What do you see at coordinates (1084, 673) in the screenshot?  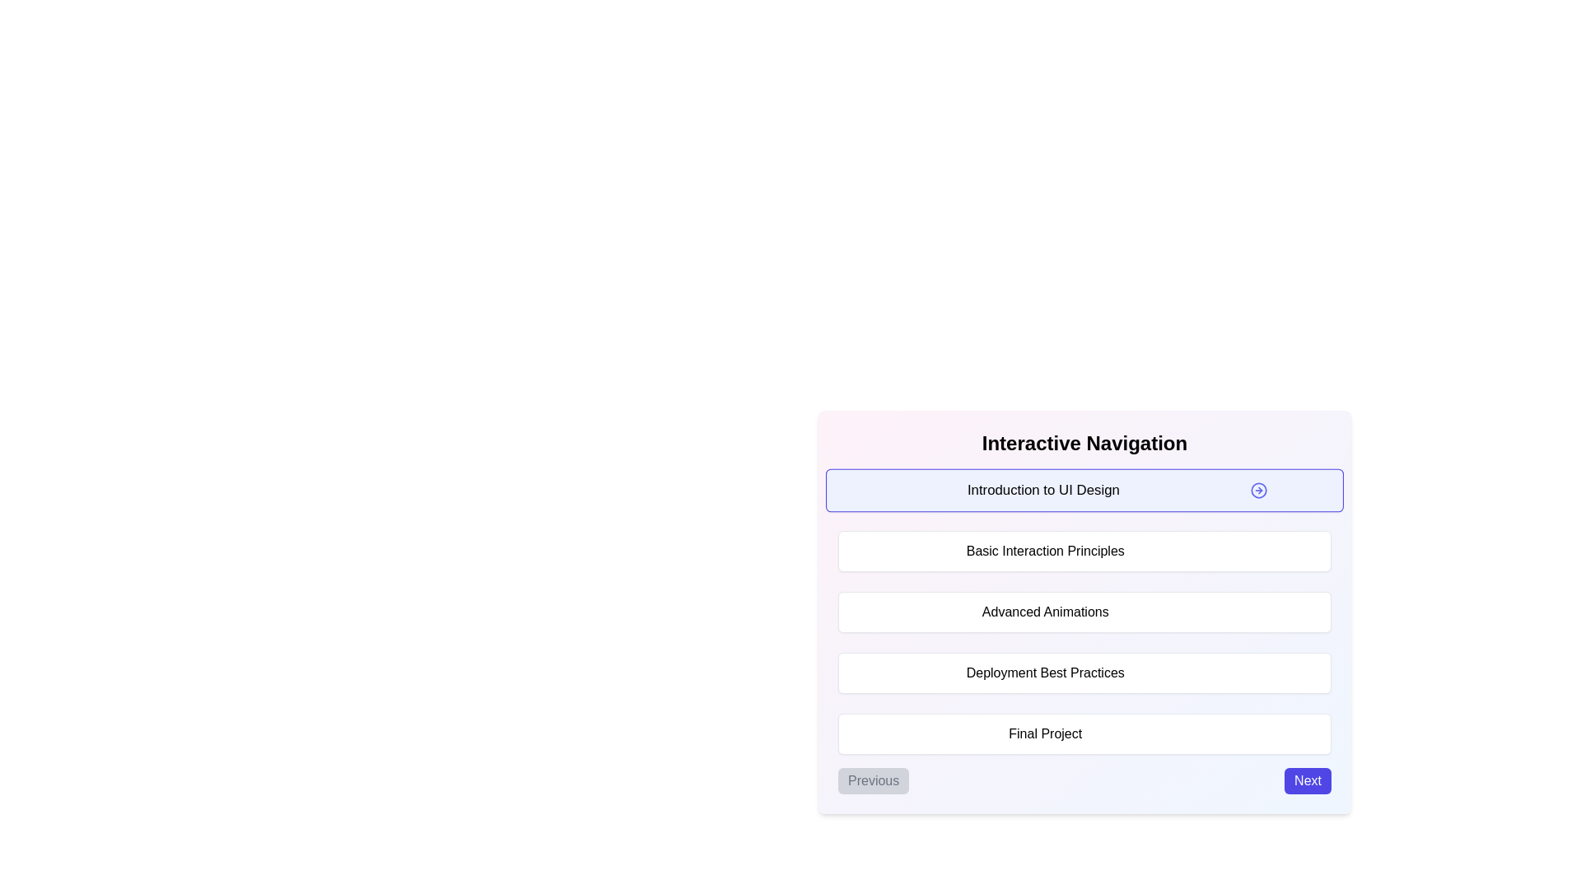 I see `the step labeled Deployment Best Practices to navigate to it` at bounding box center [1084, 673].